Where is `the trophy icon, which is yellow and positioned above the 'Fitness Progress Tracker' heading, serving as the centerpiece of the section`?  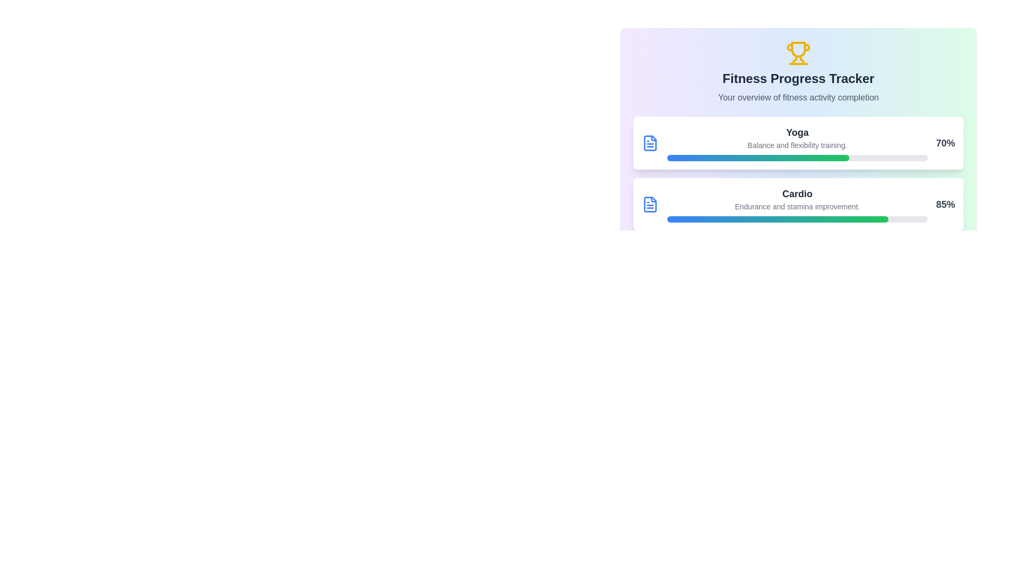
the trophy icon, which is yellow and positioned above the 'Fitness Progress Tracker' heading, serving as the centerpiece of the section is located at coordinates (798, 53).